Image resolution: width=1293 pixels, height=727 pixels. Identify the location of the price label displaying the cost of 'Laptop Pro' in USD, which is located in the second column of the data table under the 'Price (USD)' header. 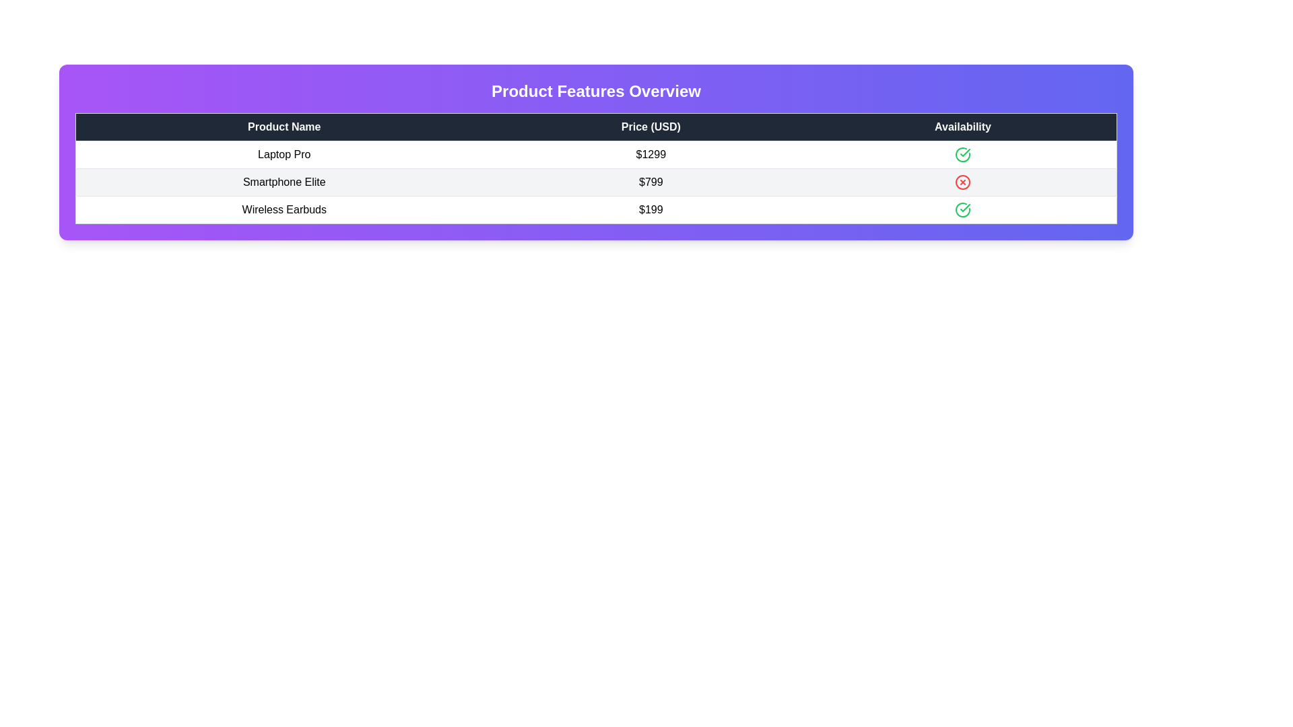
(651, 154).